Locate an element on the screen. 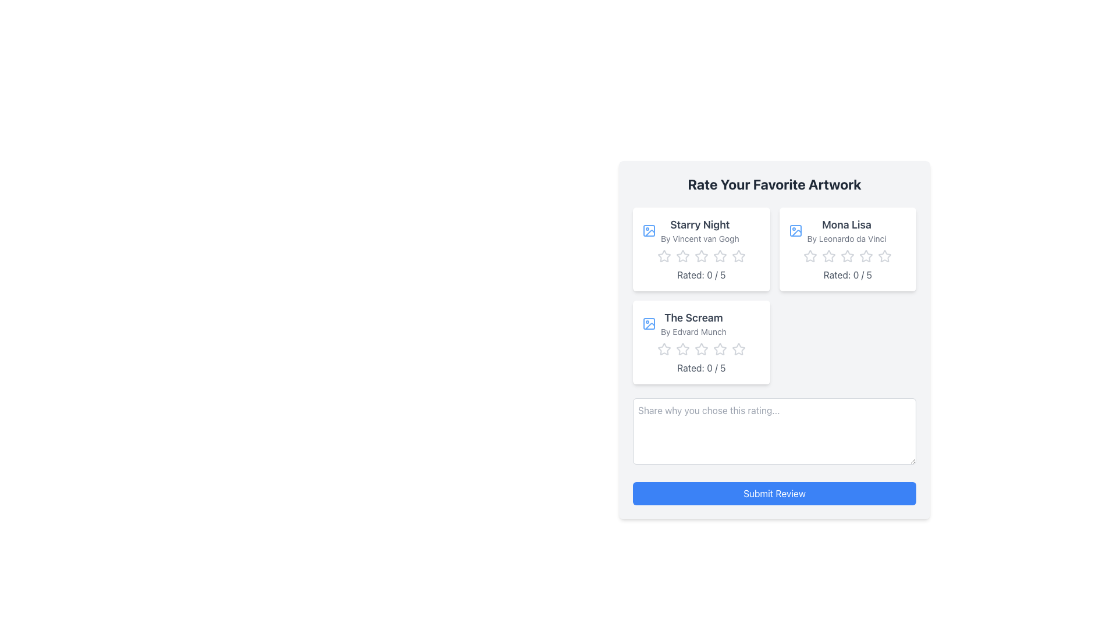 The image size is (1117, 628). the fourth star icon for rating in the rating panel of 'The Scream' artwork is located at coordinates (719, 348).